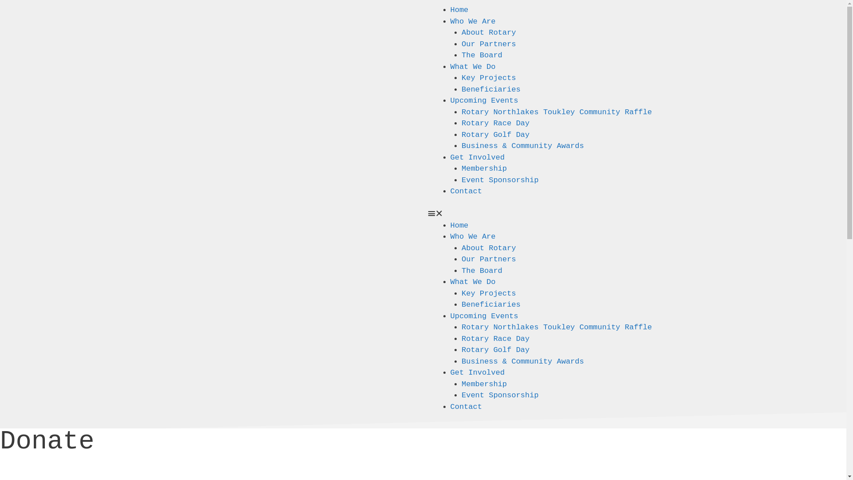  Describe the element at coordinates (473, 66) in the screenshot. I see `'What We Do'` at that location.